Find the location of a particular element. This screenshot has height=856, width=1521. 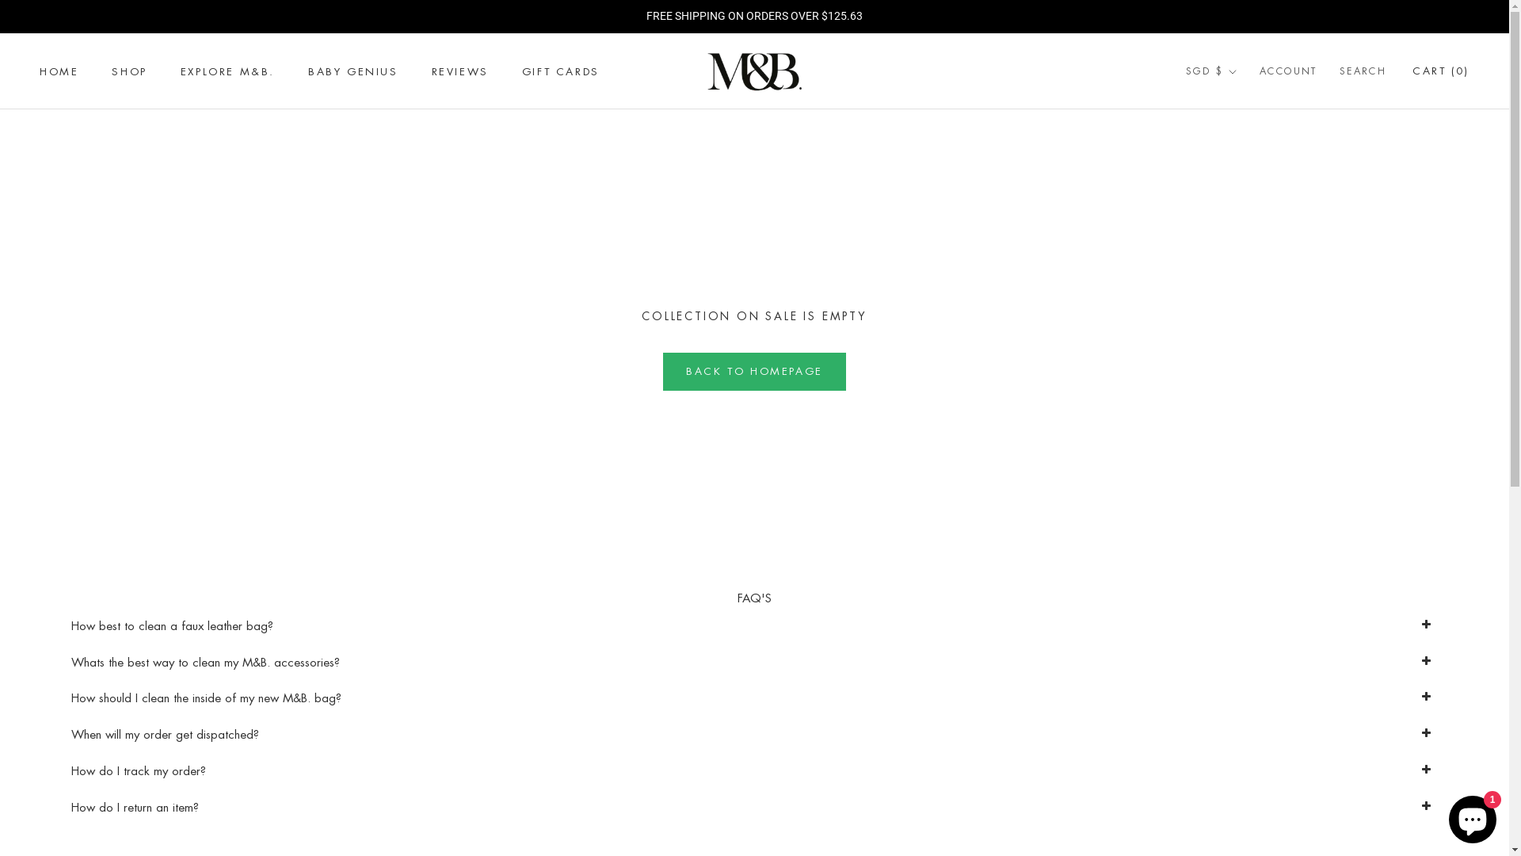

'EXPLORE M&B.' is located at coordinates (227, 71).